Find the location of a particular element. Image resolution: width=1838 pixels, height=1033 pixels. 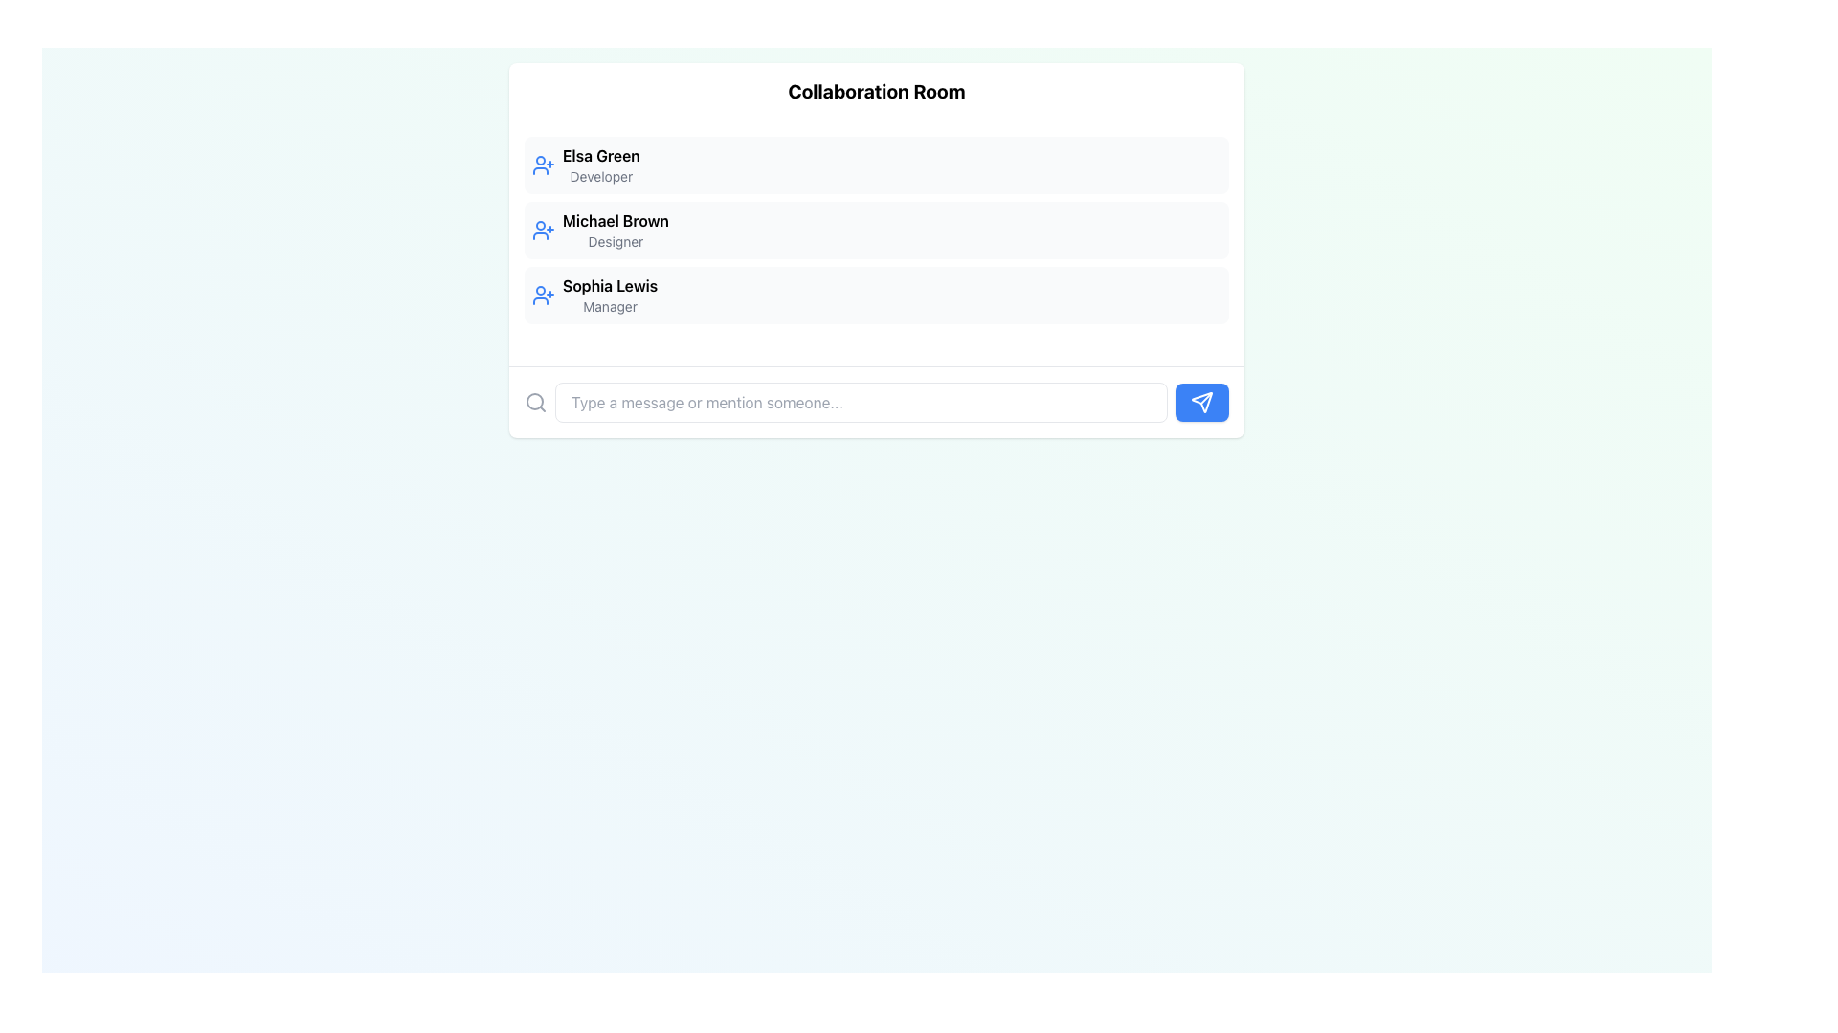

the icon-styled button located to the far left of the list item for 'Sophia Lewis' under the 'Collaboration Room' section is located at coordinates (542, 295).